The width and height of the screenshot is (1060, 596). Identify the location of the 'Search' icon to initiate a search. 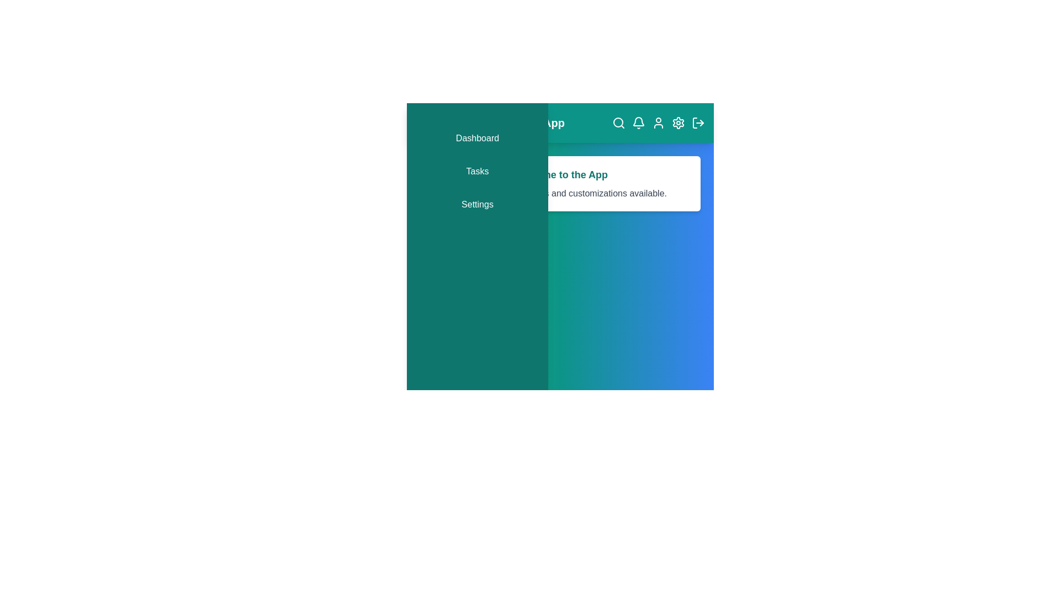
(619, 123).